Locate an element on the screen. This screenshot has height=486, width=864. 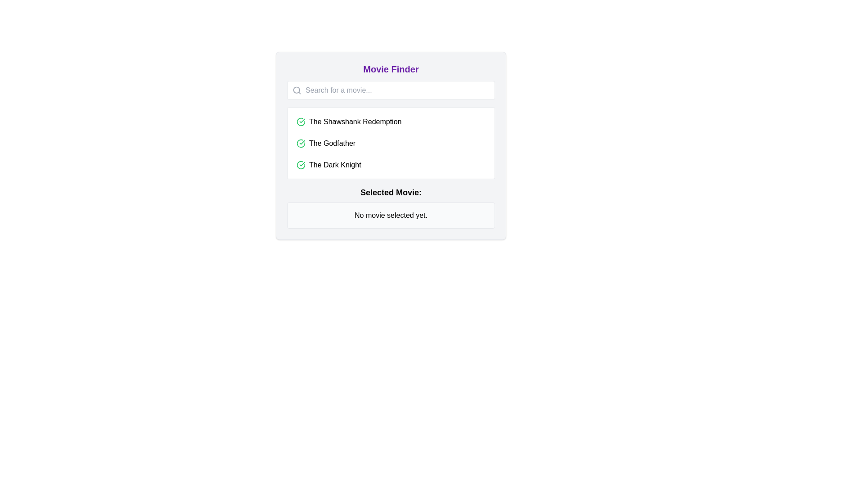
the icon of the topmost list item in the vertically stacked selectable items, located below the search bar and above 'The Godfather' text element is located at coordinates (391, 121).